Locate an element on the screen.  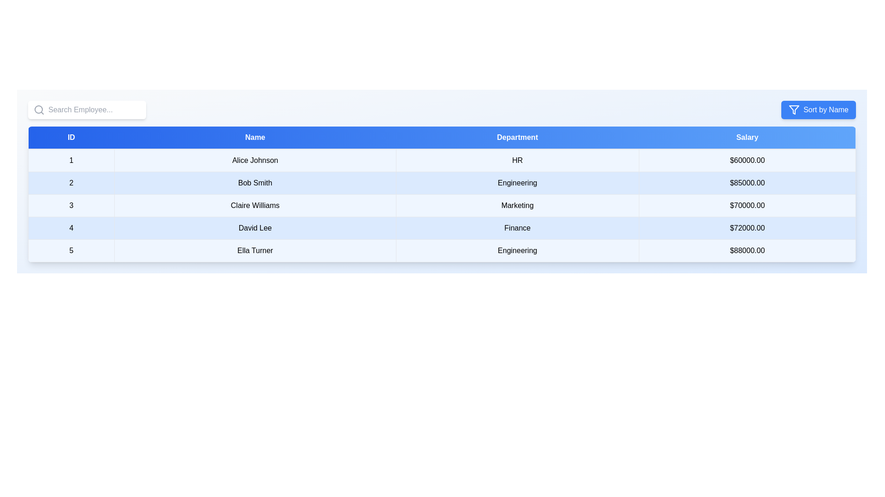
the table cell representing the department 'Finance' associated with 'David Lee', located in the third column of the fourth row is located at coordinates (517, 228).